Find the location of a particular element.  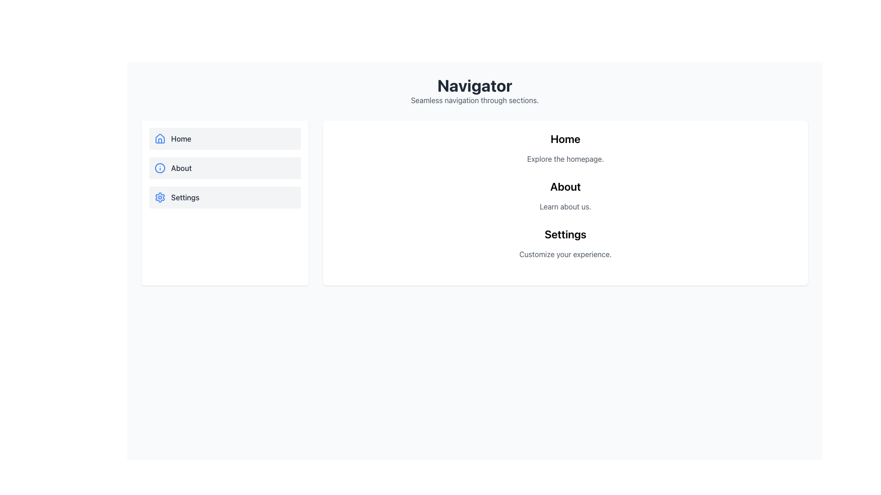

the gear icon is located at coordinates (160, 197).